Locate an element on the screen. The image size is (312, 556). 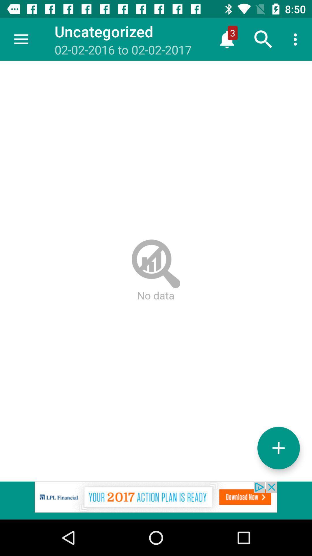
the add icon is located at coordinates (278, 448).